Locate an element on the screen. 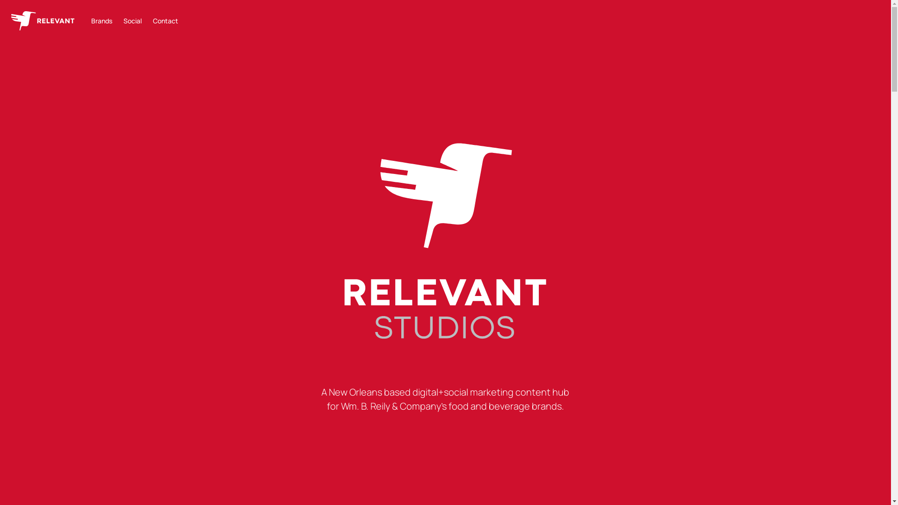  'Contact' is located at coordinates (166, 21).